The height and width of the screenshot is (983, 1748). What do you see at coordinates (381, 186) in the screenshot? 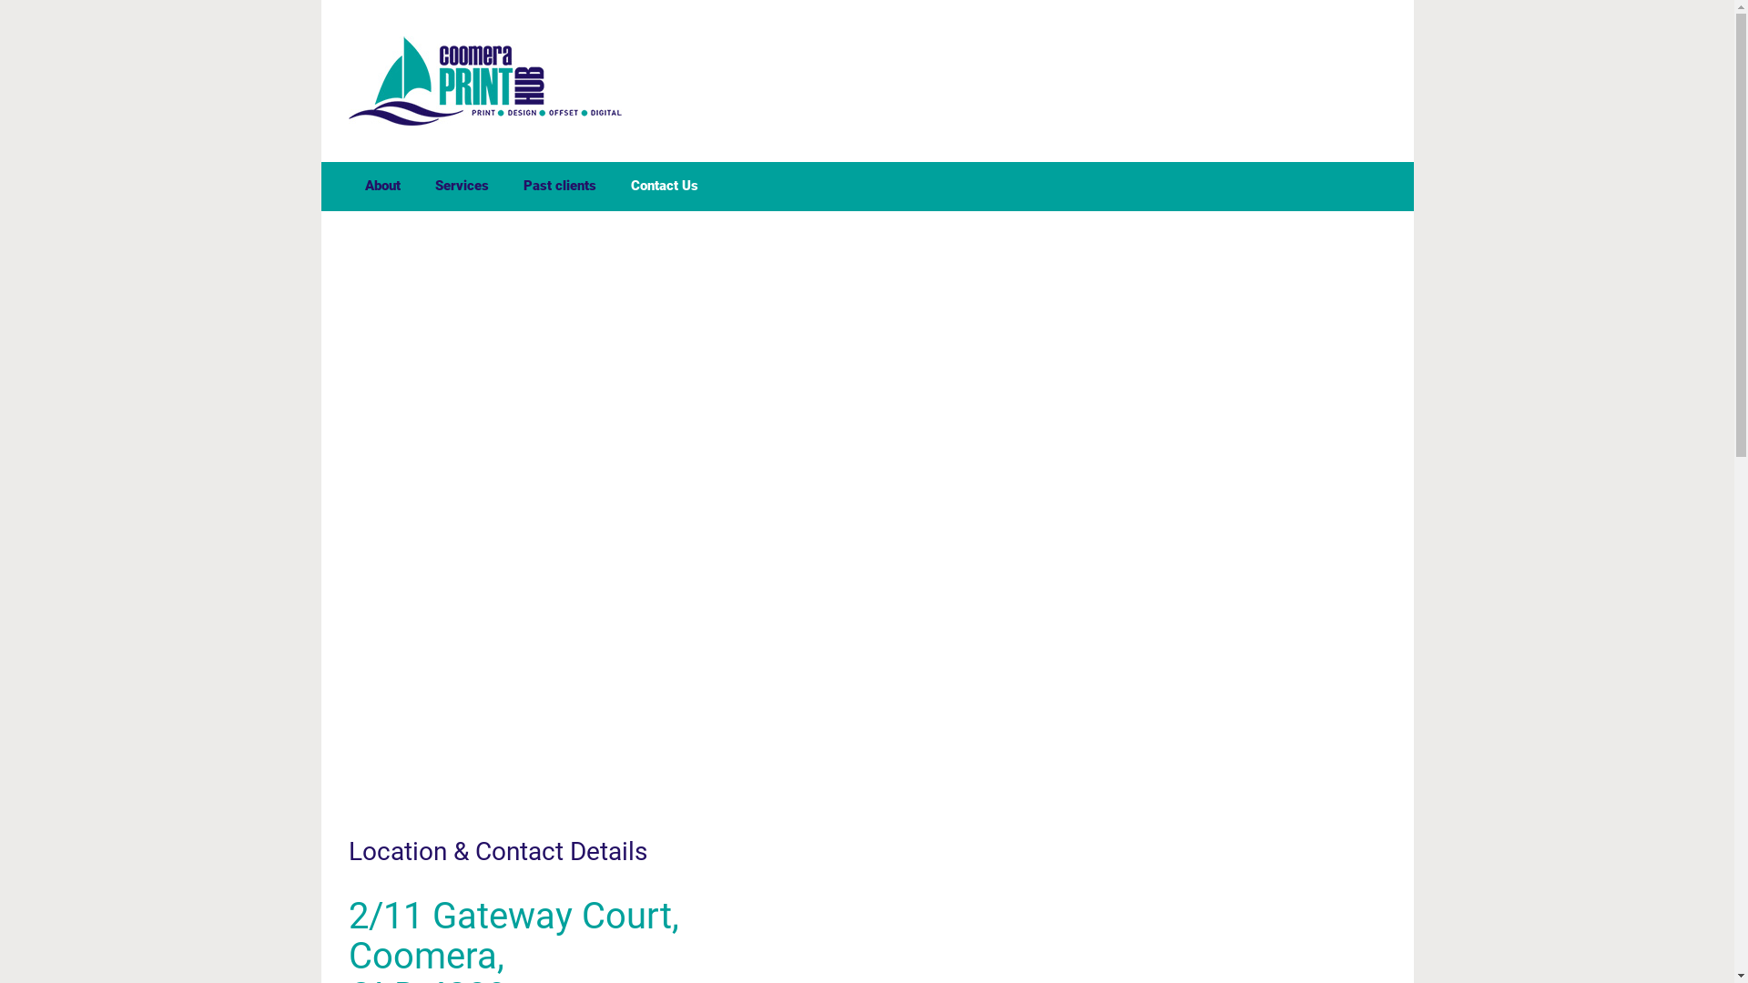
I see `'About'` at bounding box center [381, 186].